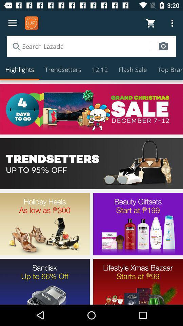 The width and height of the screenshot is (183, 326). I want to click on options, so click(12, 23).